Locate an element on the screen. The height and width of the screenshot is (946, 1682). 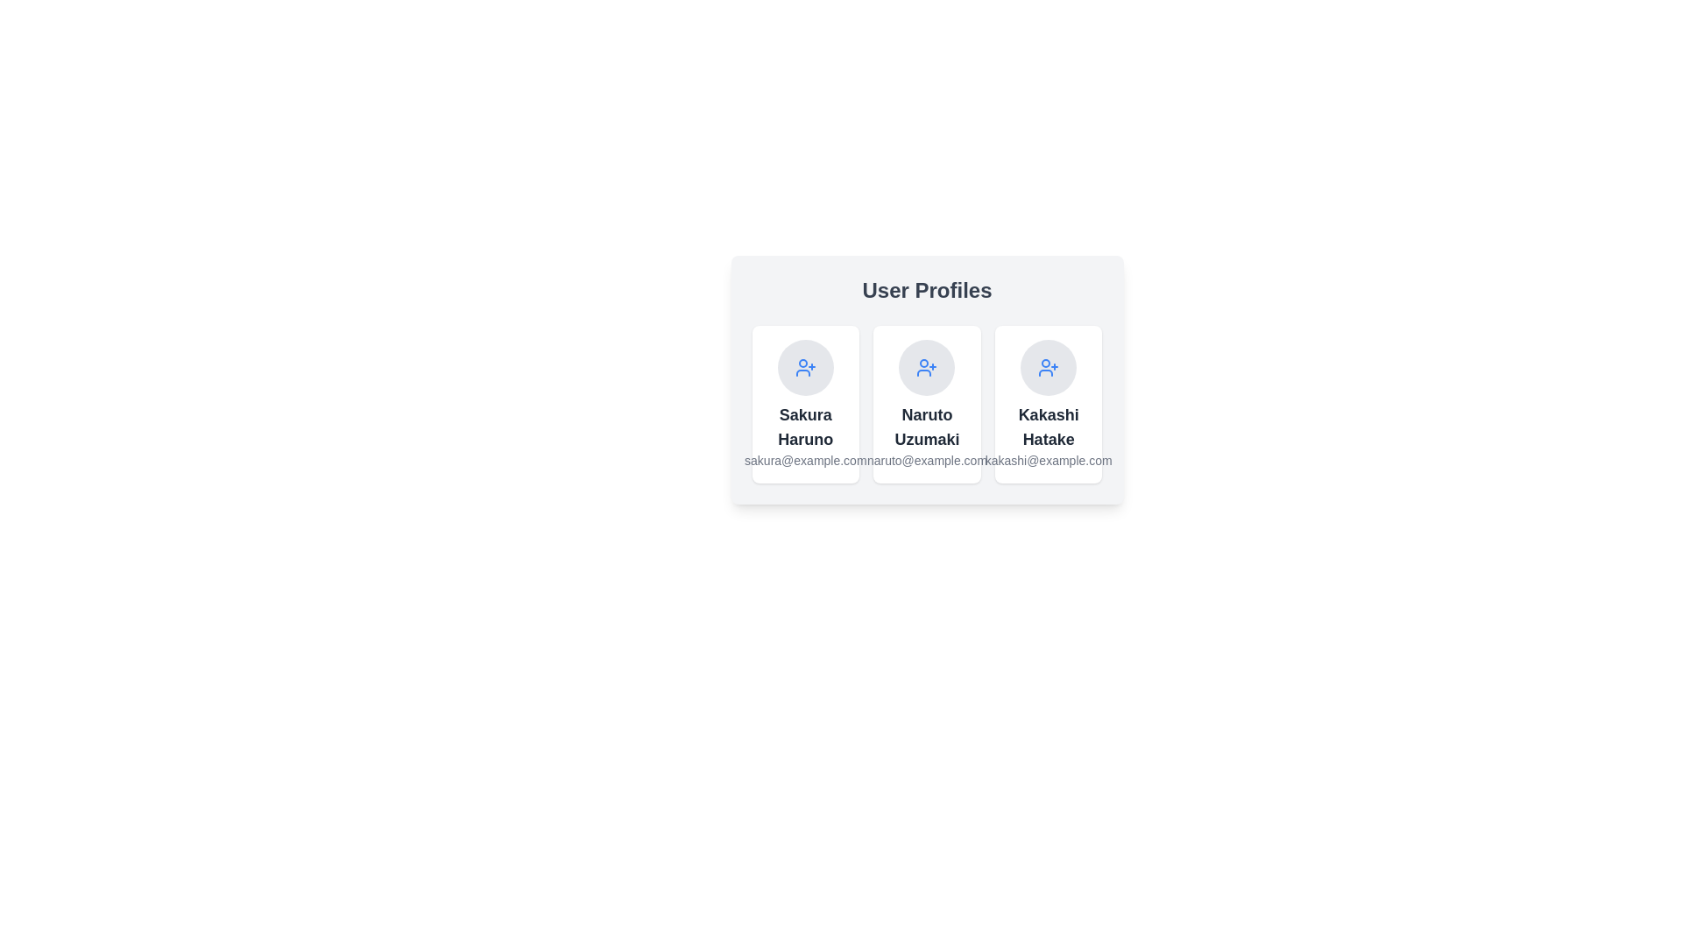
the third profile card in the grid layout is located at coordinates (1049, 405).